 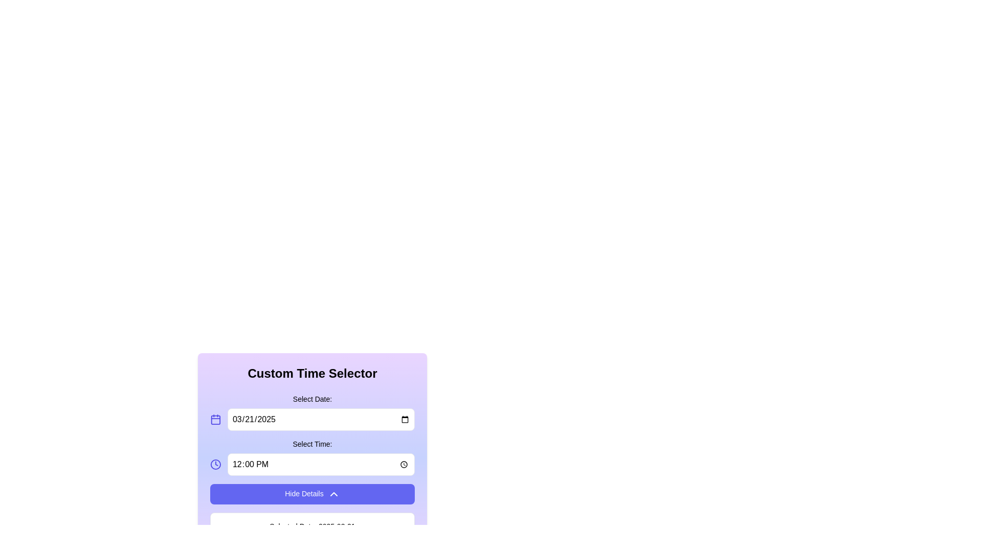 What do you see at coordinates (311, 465) in the screenshot?
I see `the Time selection input field, which displays the current time as '12:00 PM'` at bounding box center [311, 465].